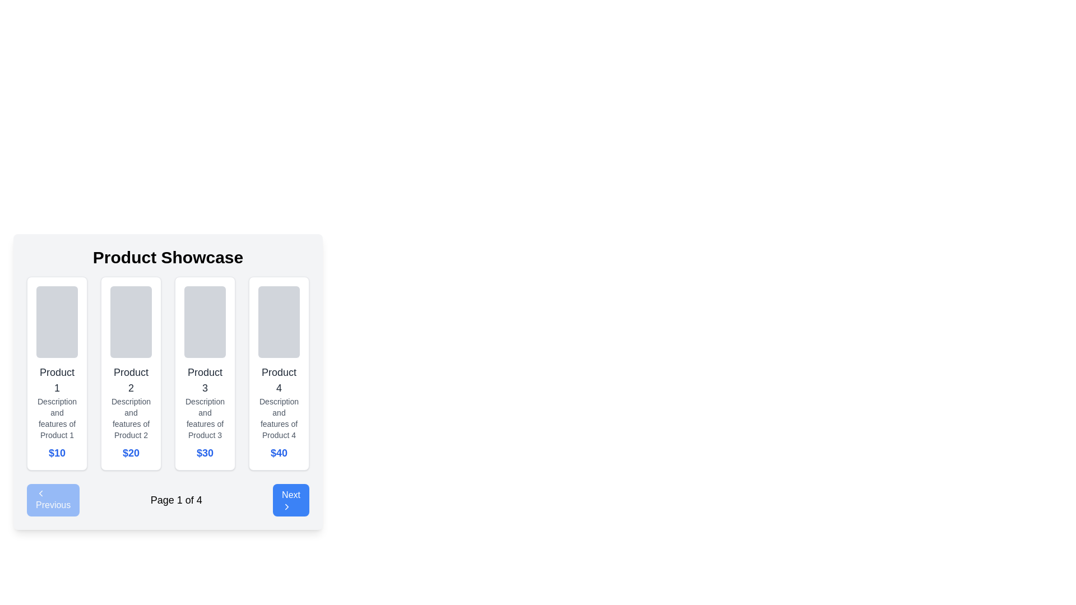 The height and width of the screenshot is (605, 1076). I want to click on the rounded rectangular button with a blue background and white 'Next' text to observe the hover effects, so click(291, 500).